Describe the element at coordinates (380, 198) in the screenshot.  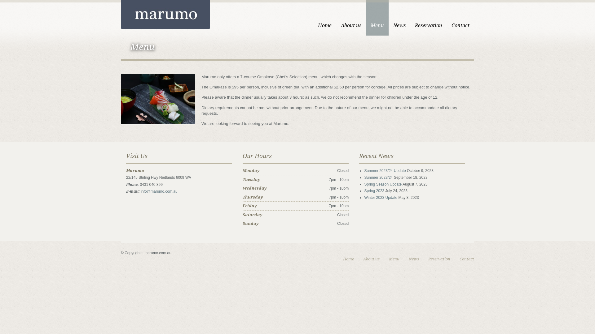
I see `'Winter 2023 Update'` at that location.